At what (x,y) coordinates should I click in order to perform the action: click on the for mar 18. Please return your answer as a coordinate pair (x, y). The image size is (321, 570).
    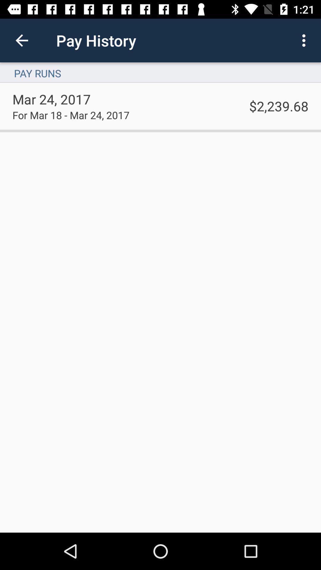
    Looking at the image, I should click on (70, 115).